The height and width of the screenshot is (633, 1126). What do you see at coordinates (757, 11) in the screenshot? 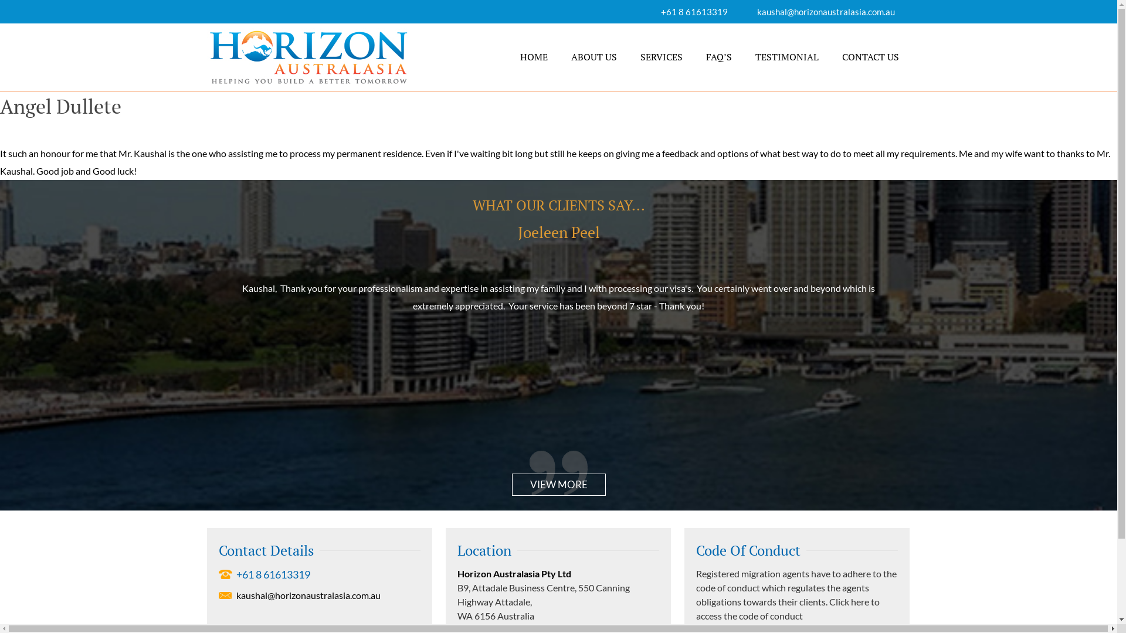
I see `'kaushal@horizonaustralasia.com.au'` at bounding box center [757, 11].